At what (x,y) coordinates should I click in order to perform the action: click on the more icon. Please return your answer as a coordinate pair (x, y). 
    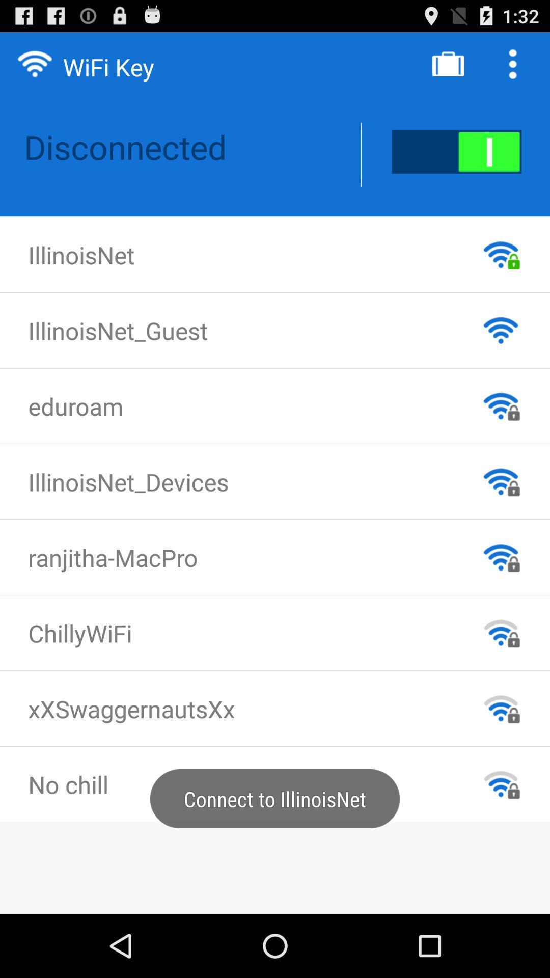
    Looking at the image, I should click on (515, 68).